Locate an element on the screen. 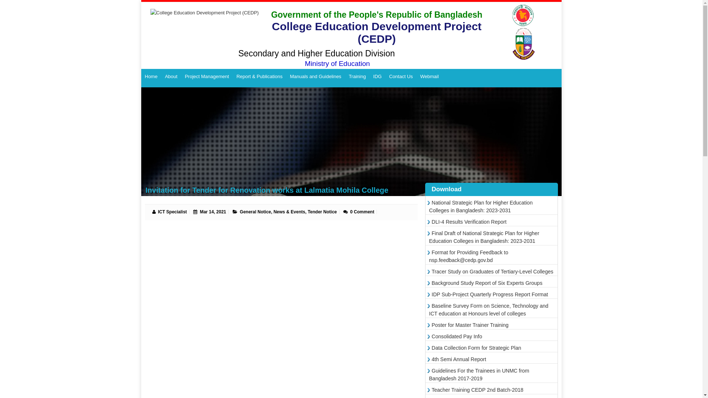 The height and width of the screenshot is (398, 708). '4th Semi Annual Report' is located at coordinates (457, 359).